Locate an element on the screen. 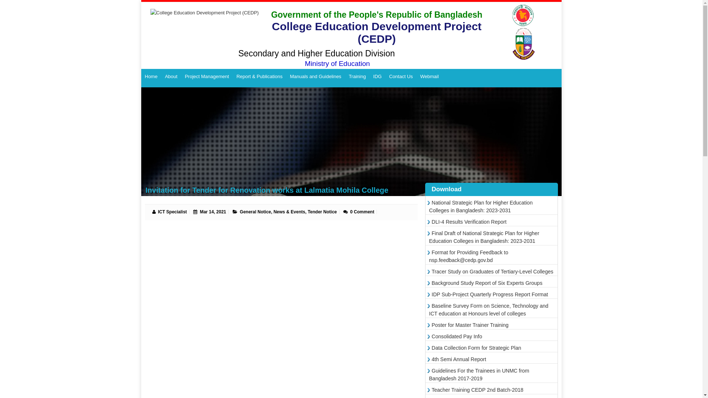 The height and width of the screenshot is (398, 708). '4th Semi Annual Report' is located at coordinates (457, 359).